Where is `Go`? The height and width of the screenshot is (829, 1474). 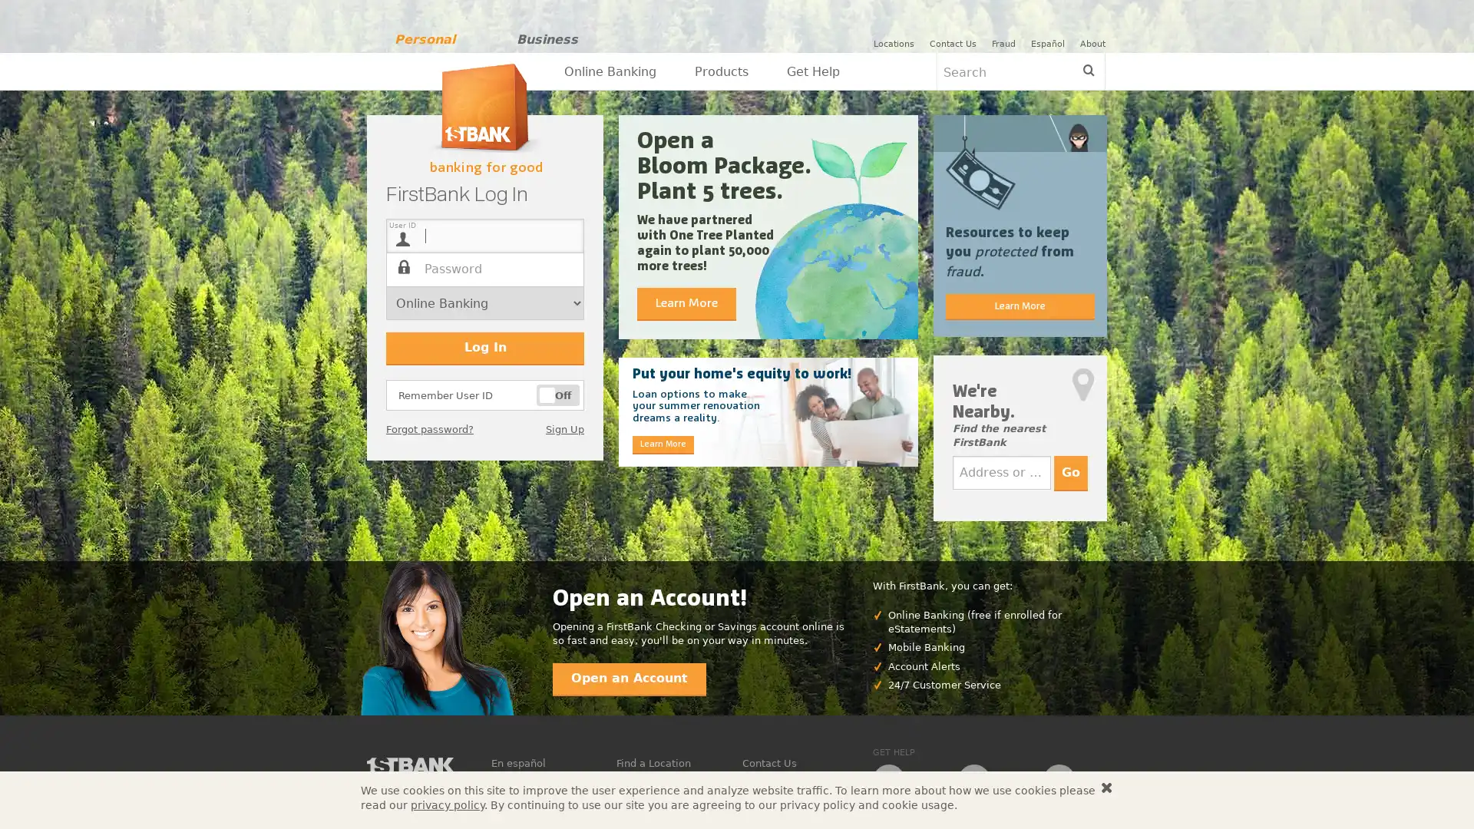
Go is located at coordinates (1070, 472).